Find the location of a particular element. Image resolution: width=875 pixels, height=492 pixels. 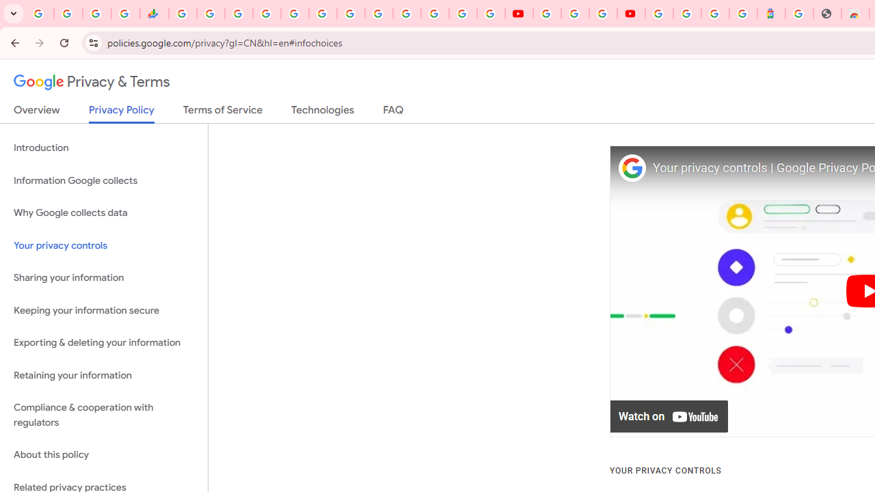

'Content Creator Programs & Opportunities - YouTube Creators' is located at coordinates (630, 14).